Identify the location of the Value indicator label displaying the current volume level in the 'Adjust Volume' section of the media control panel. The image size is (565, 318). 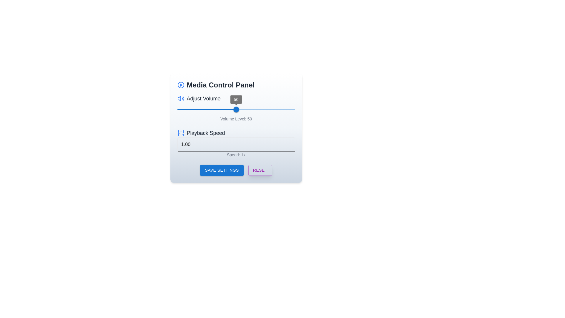
(236, 99).